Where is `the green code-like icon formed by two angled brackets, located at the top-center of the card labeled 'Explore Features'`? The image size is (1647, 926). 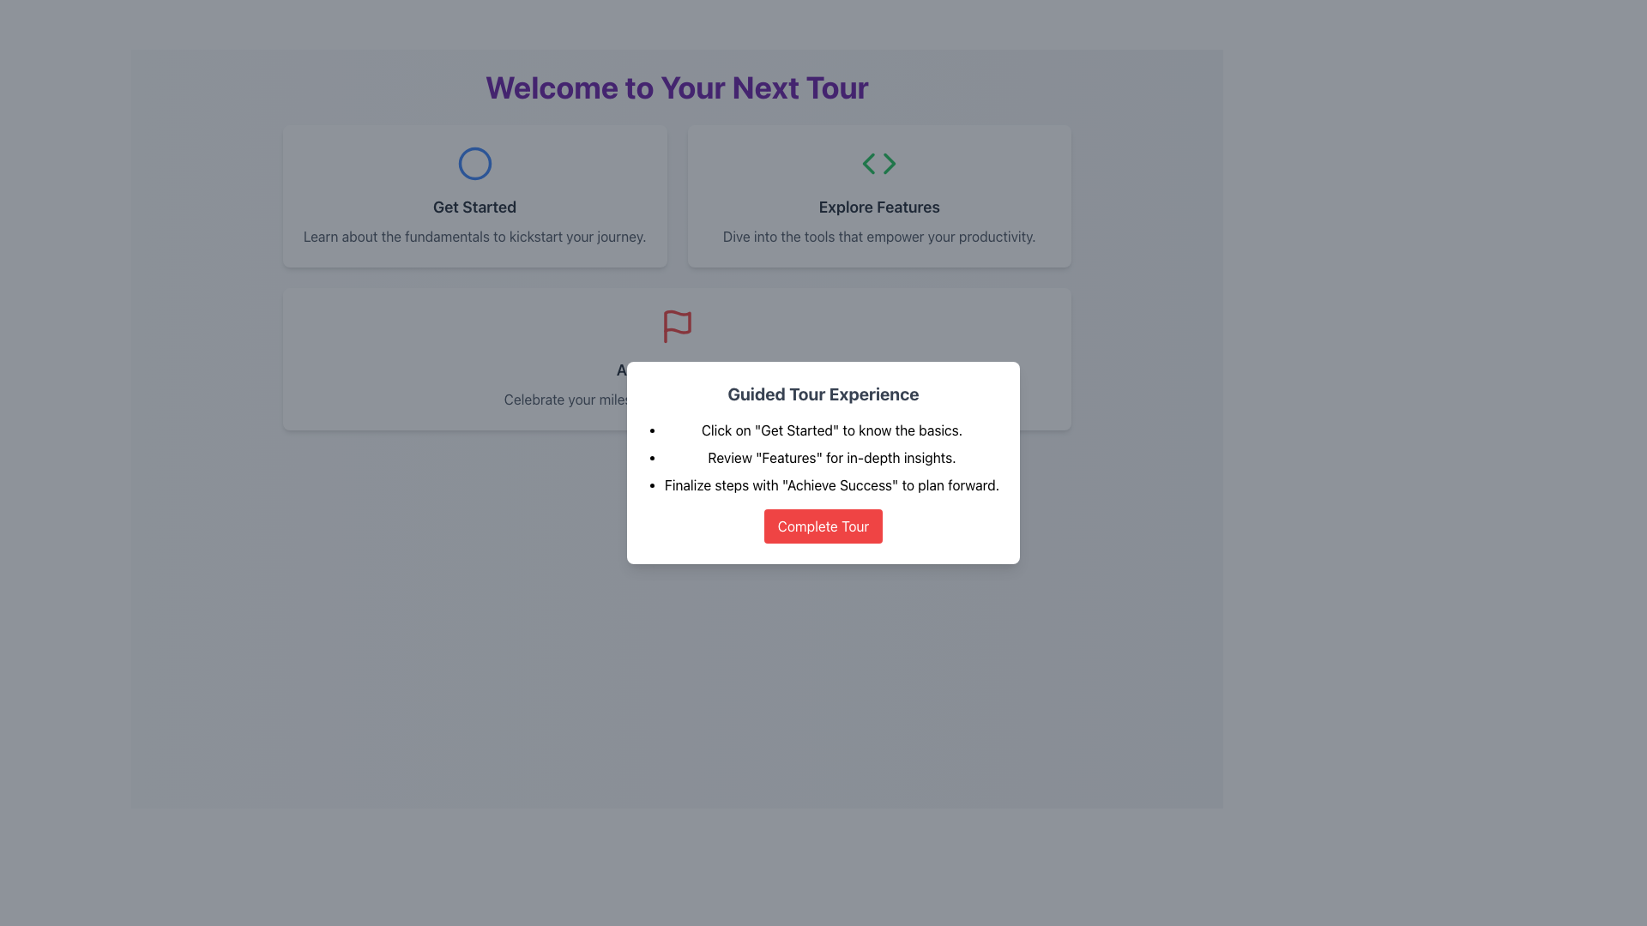
the green code-like icon formed by two angled brackets, located at the top-center of the card labeled 'Explore Features' is located at coordinates (879, 164).